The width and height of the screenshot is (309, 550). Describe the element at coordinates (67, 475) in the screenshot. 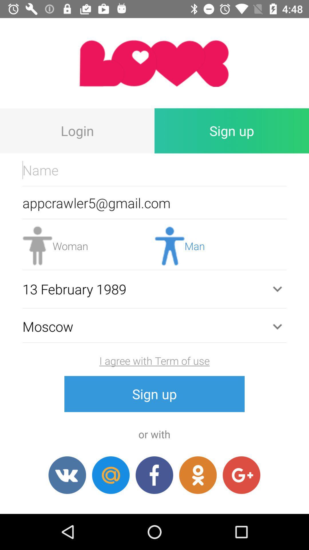

I see `social share button` at that location.